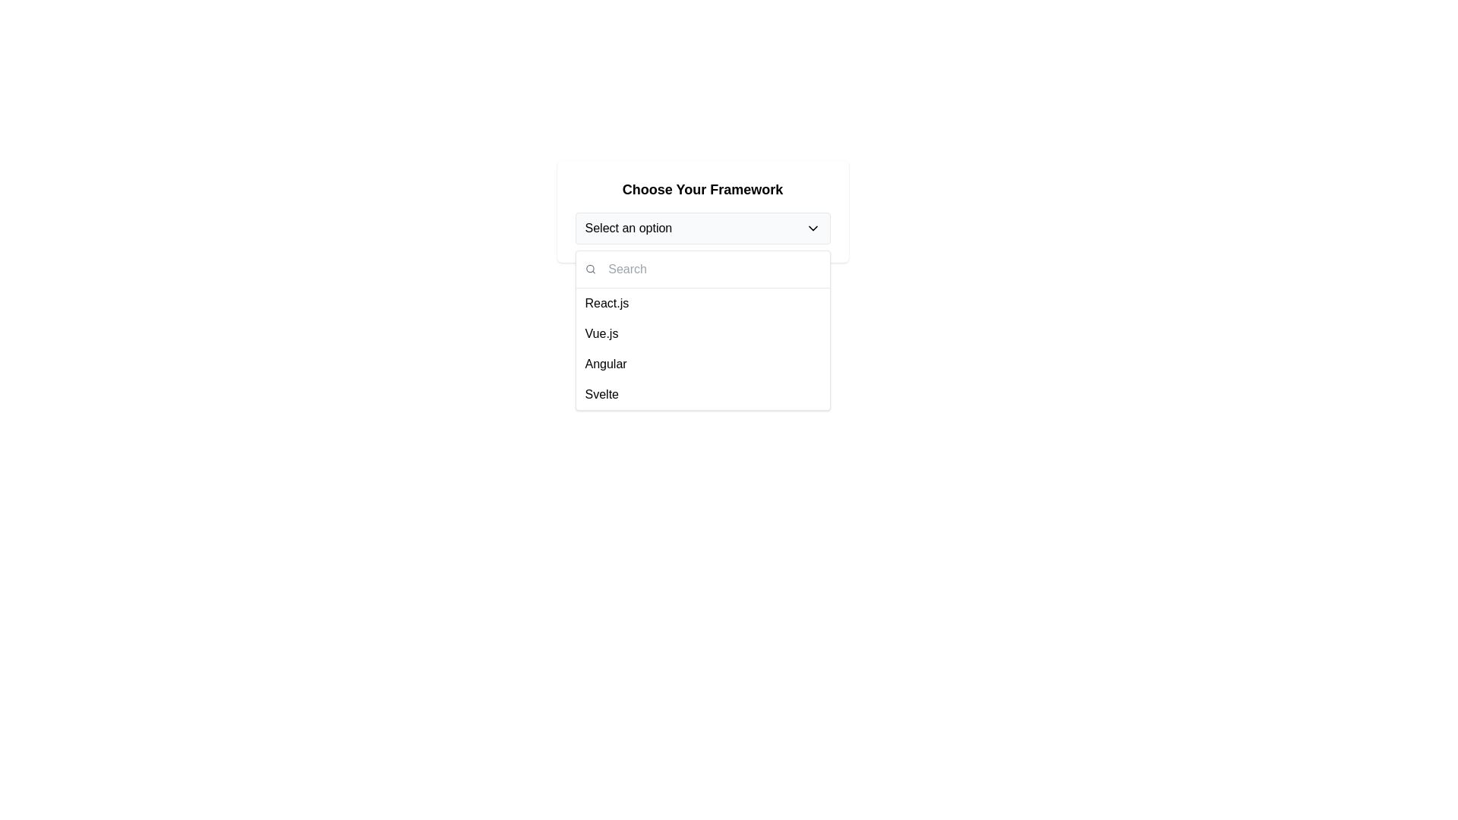 Image resolution: width=1458 pixels, height=820 pixels. What do you see at coordinates (601, 333) in the screenshot?
I see `the 'Vue.js' option in the dropdown menu` at bounding box center [601, 333].